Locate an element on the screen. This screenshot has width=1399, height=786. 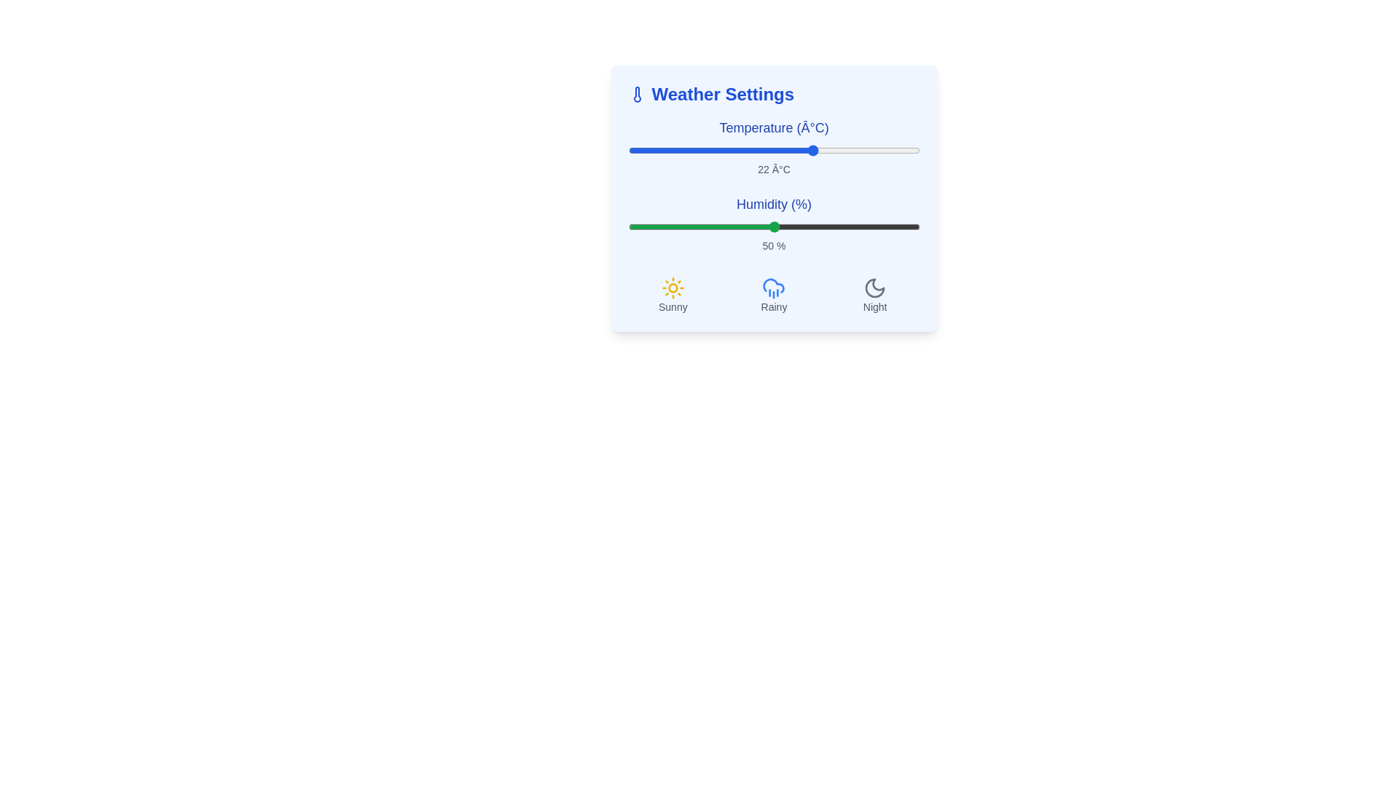
the crescent moon SVG icon representing nighttime conditions in the 'Weather Settings' card, which is located in the bottom-right section of the card is located at coordinates (874, 288).